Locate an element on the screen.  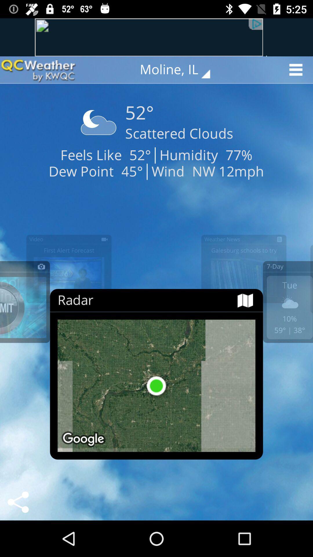
the share icon is located at coordinates (18, 502).